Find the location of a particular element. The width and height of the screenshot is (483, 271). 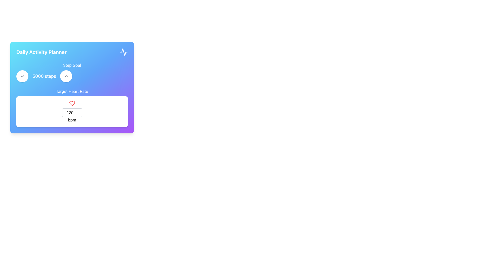

the circular button icon located directly to the right of the '5000 steps' text under the 'Step Goal' section is located at coordinates (22, 76).